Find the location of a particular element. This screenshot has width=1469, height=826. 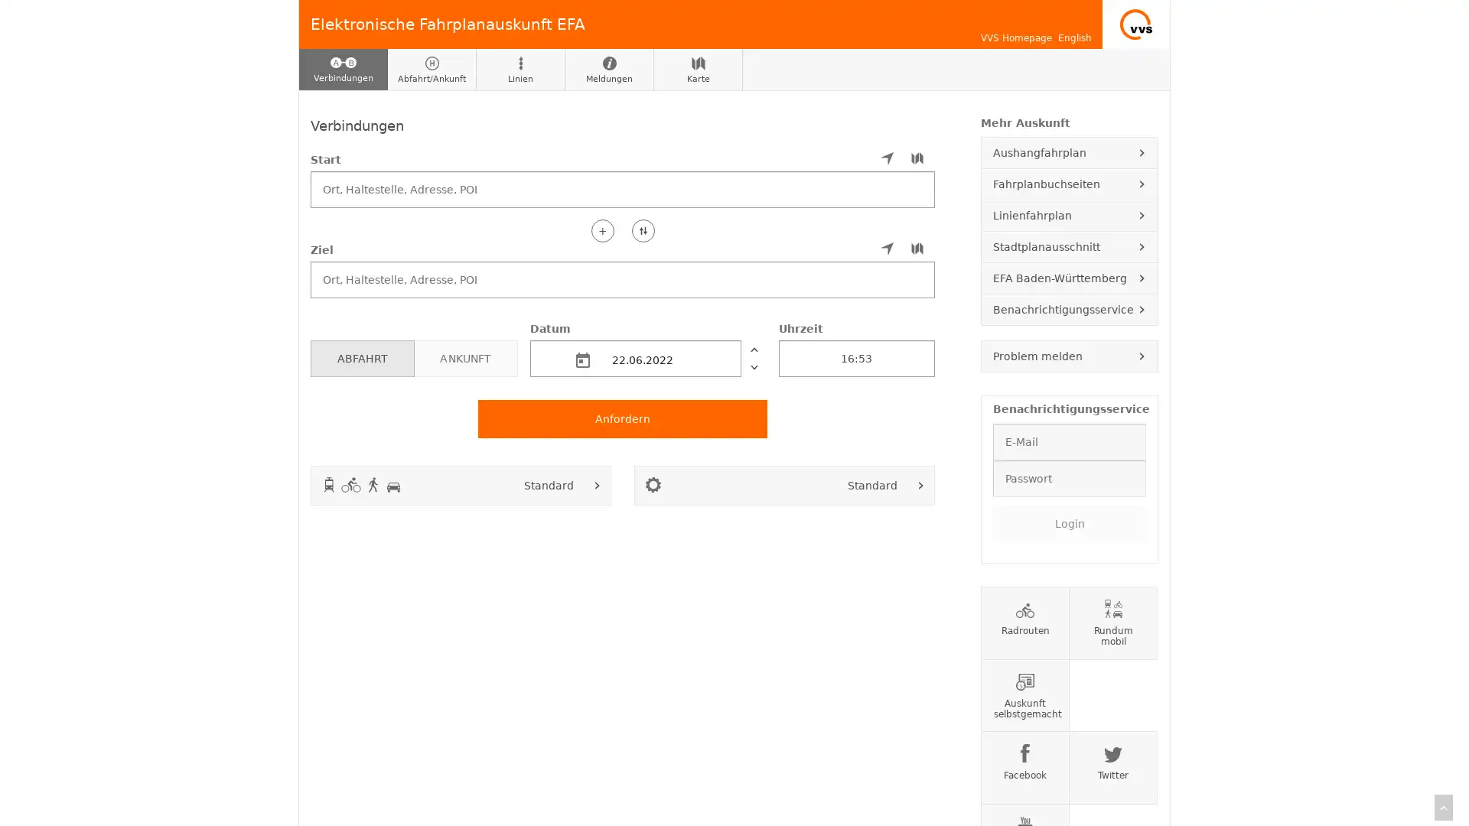

Start und Ziel tauschen is located at coordinates (643, 229).